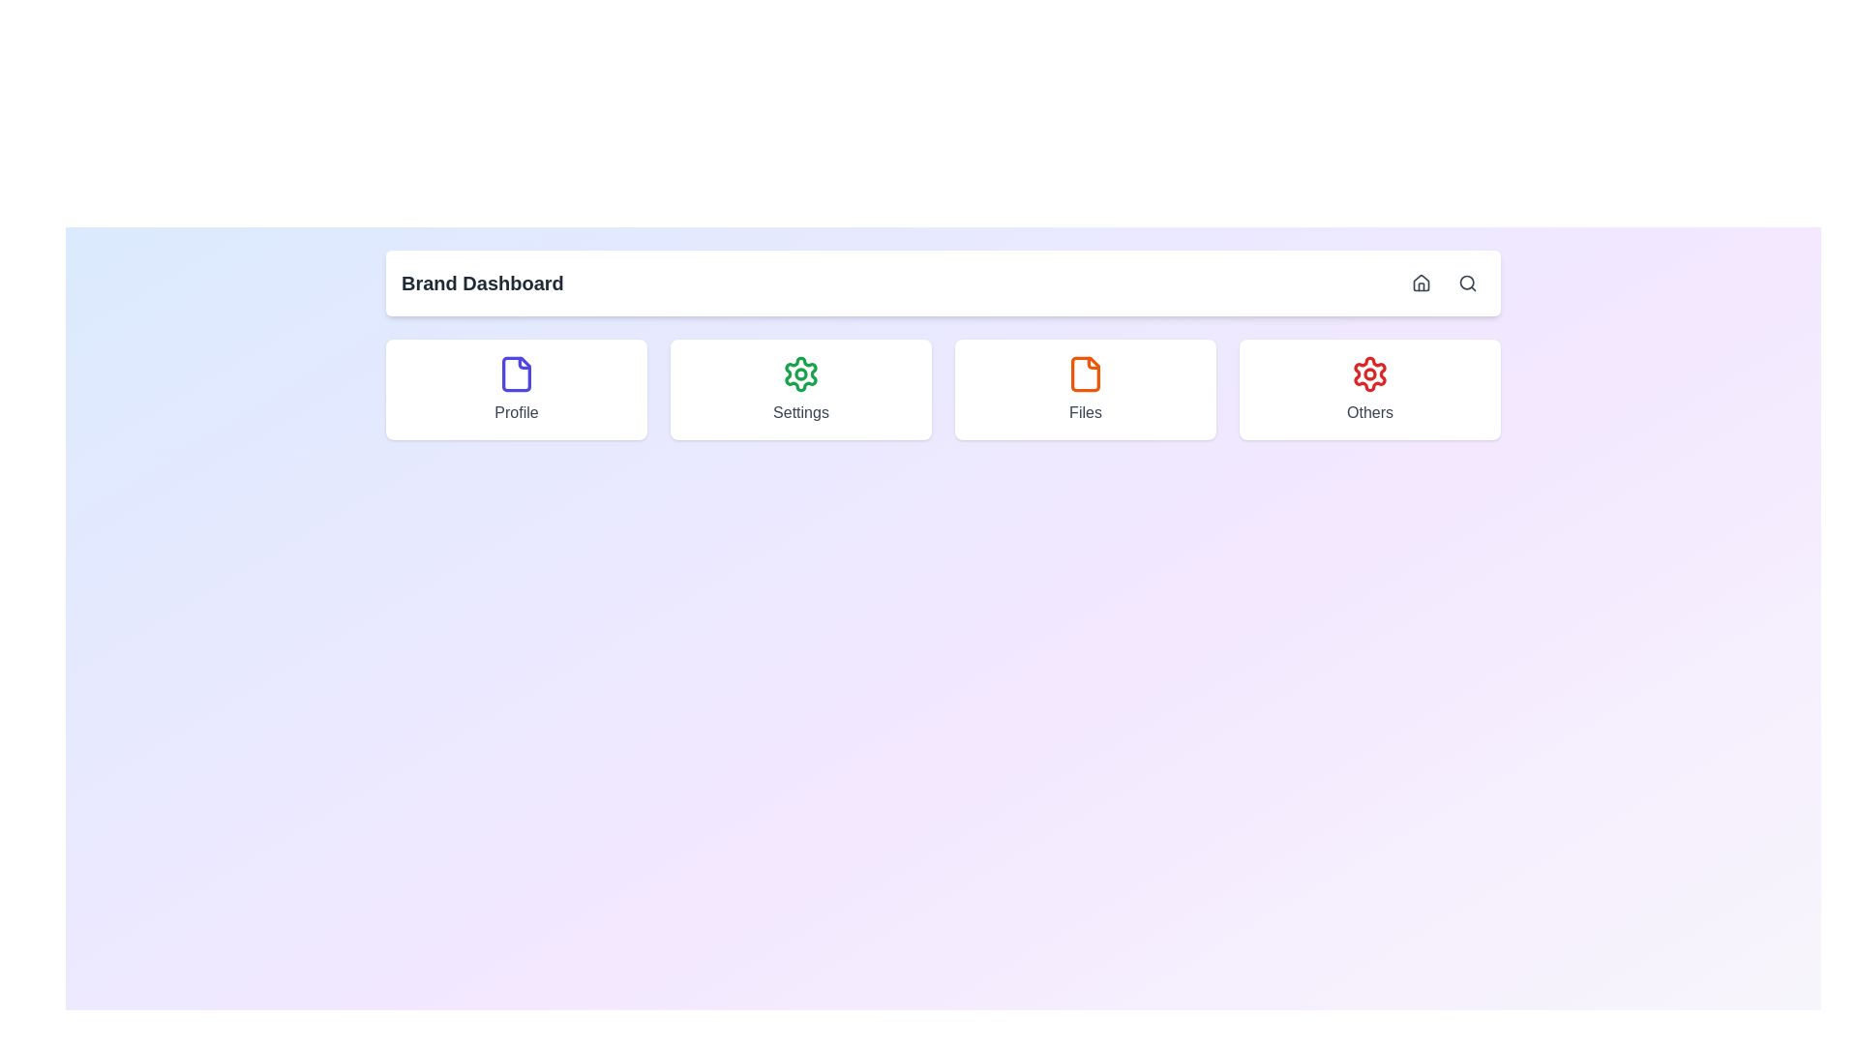  Describe the element at coordinates (1369, 373) in the screenshot. I see `the center of the gear icon located in the rightmost card labeled 'Others', which emphasizes settings or additional options` at that location.